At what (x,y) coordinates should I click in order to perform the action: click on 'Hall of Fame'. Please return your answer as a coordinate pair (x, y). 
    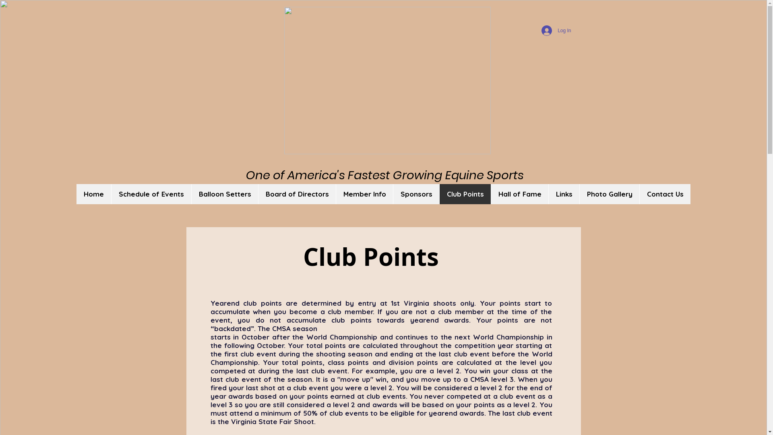
    Looking at the image, I should click on (519, 194).